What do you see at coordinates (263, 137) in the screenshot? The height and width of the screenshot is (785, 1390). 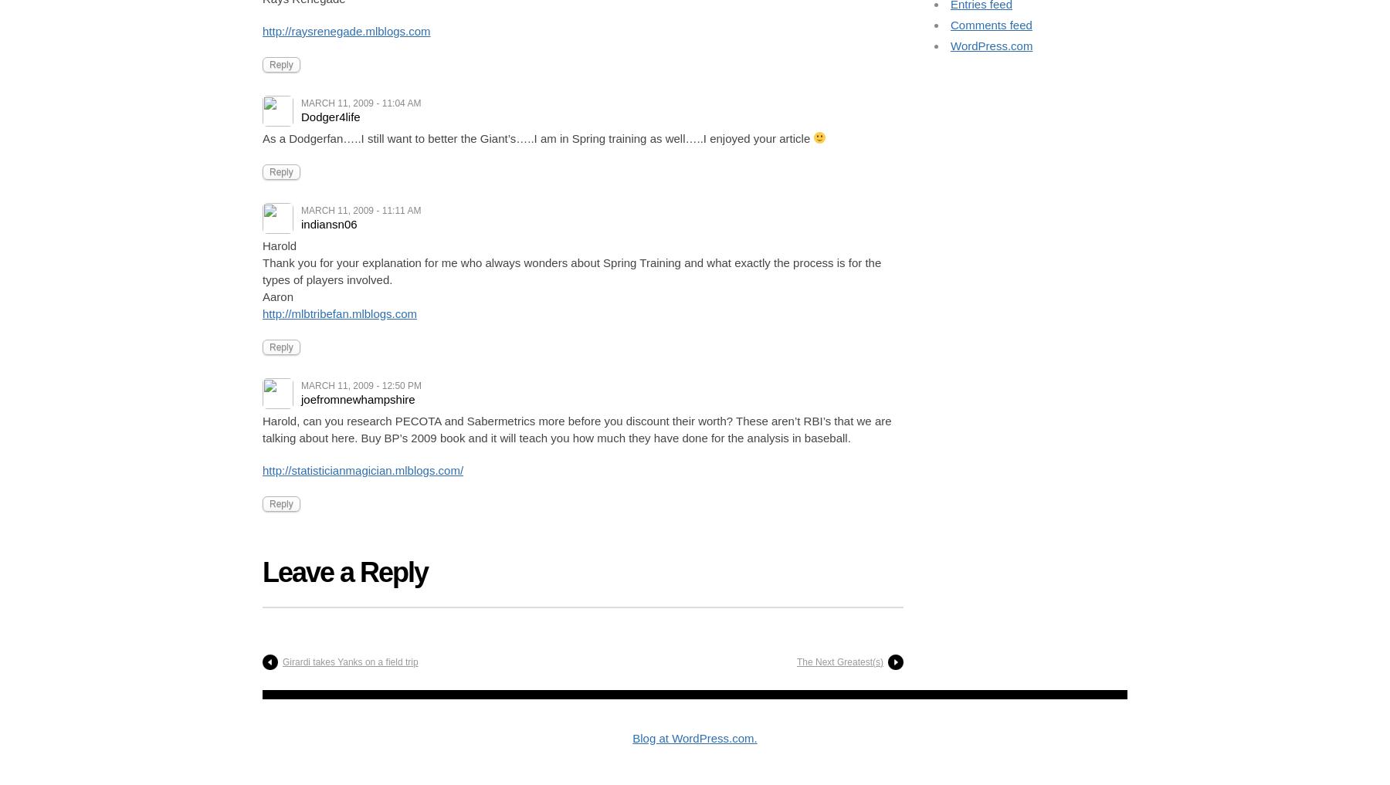 I see `'As a Dodgerfan…..I still want to better the Giant’s…..I am in Spring training as well…..I enjoyed your article'` at bounding box center [263, 137].